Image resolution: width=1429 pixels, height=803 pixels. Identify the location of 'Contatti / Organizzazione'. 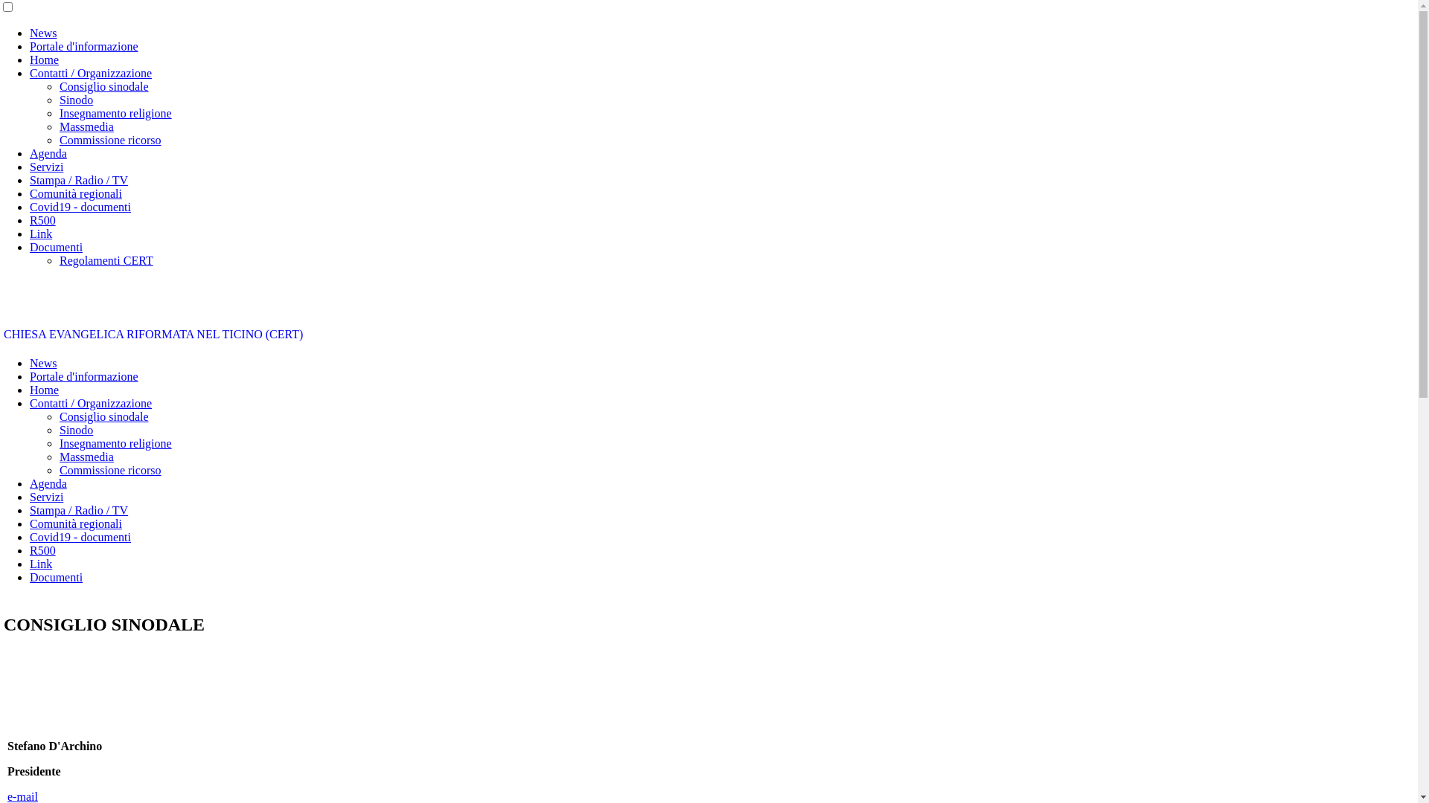
(89, 73).